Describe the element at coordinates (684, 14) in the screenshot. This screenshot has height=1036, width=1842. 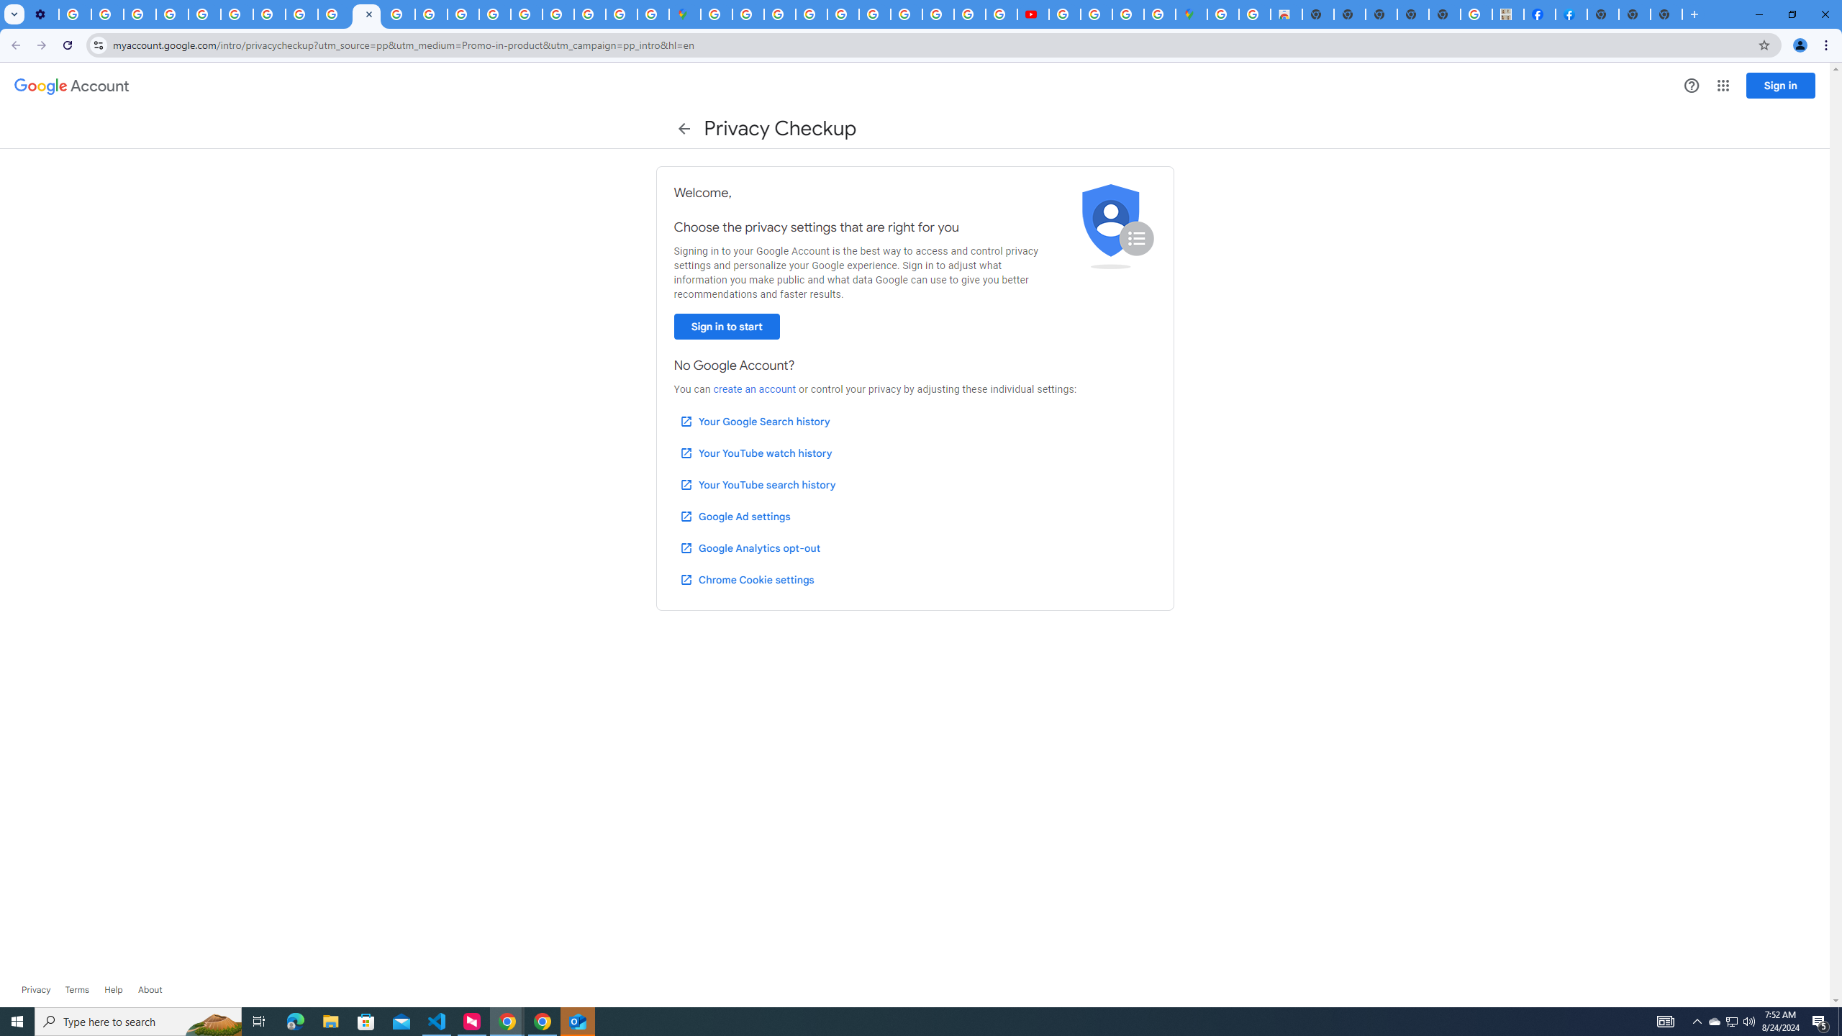
I see `'Google Maps'` at that location.